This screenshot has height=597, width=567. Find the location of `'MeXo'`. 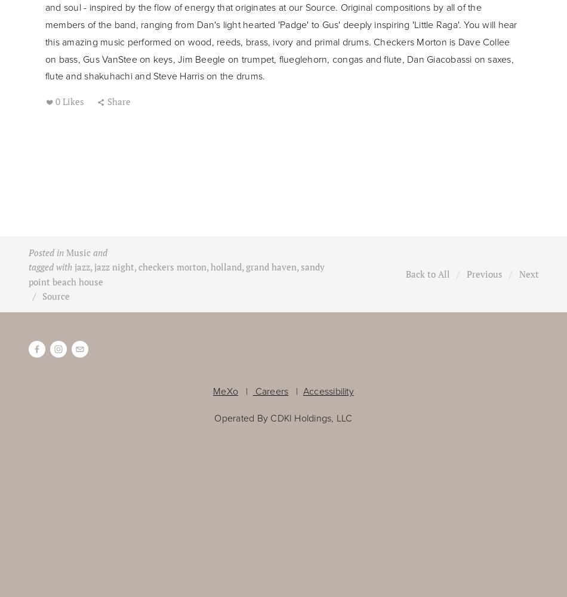

'MeXo' is located at coordinates (225, 391).